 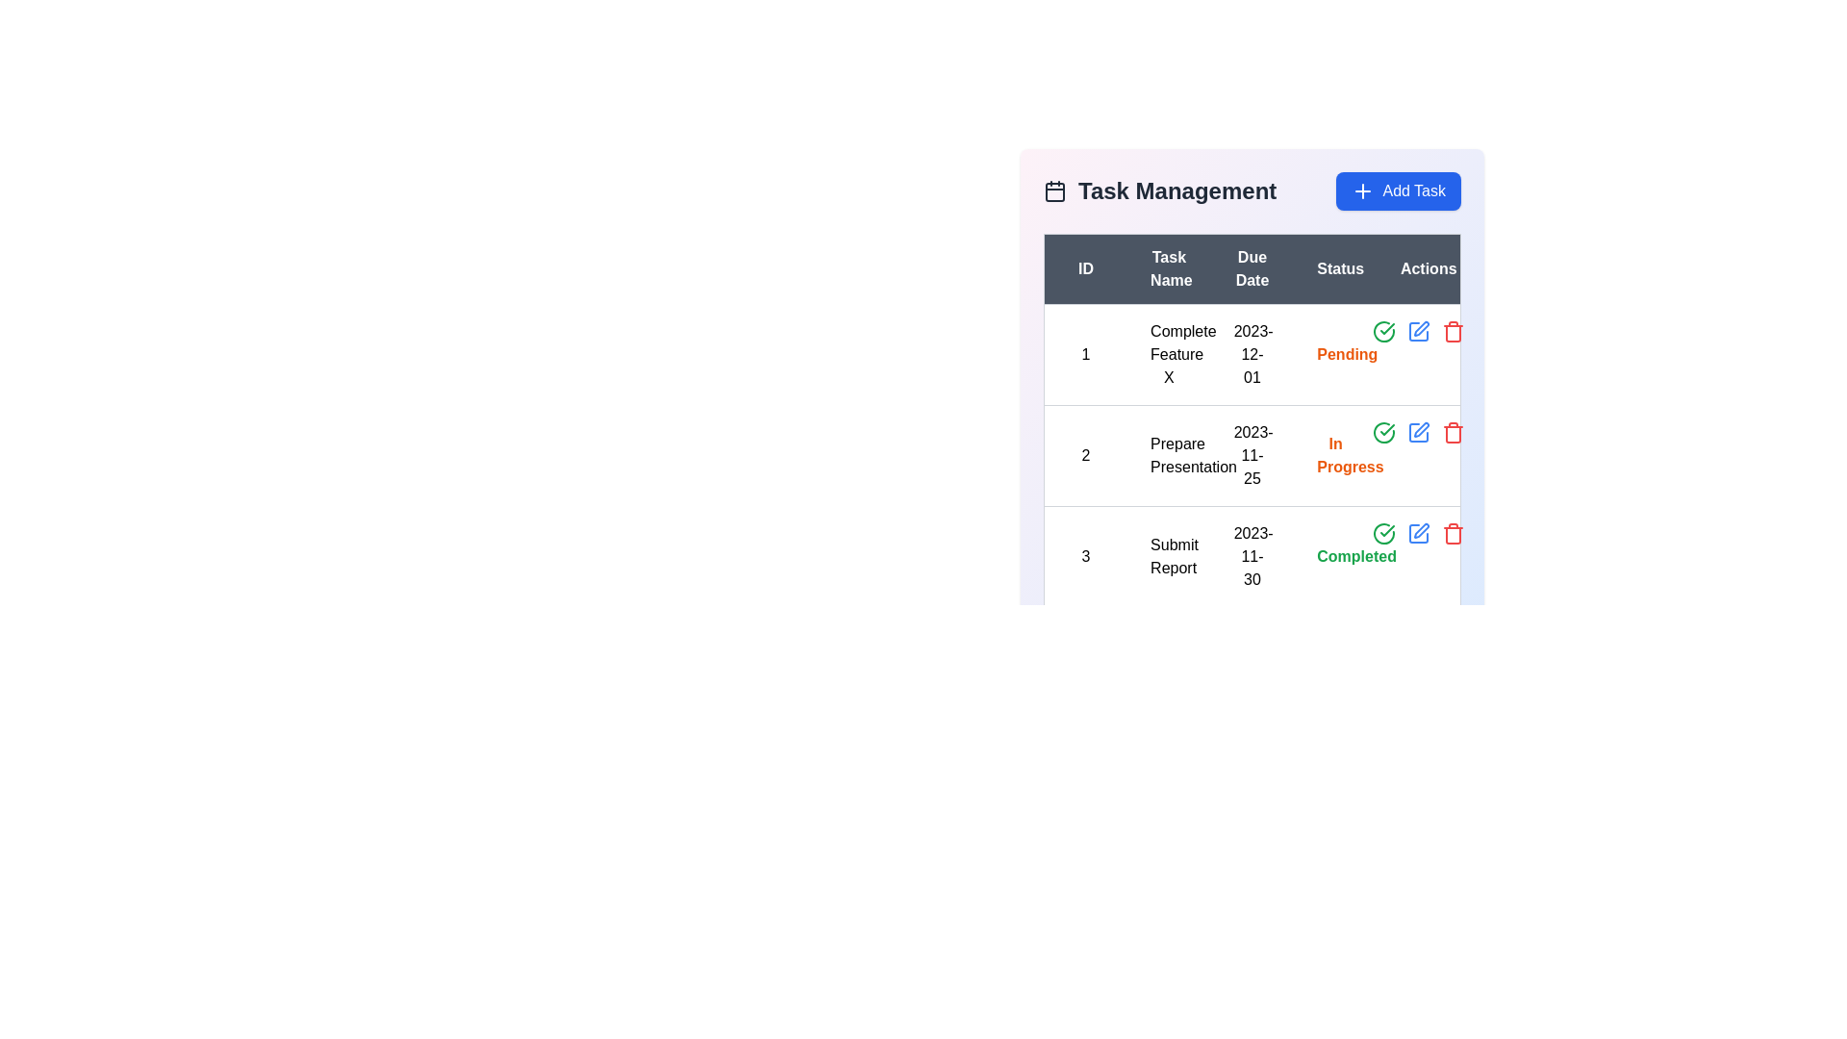 What do you see at coordinates (1453, 434) in the screenshot?
I see `the trash can icon in the 'Actions' column of the second task labeled 'Prepare Presentation'` at bounding box center [1453, 434].